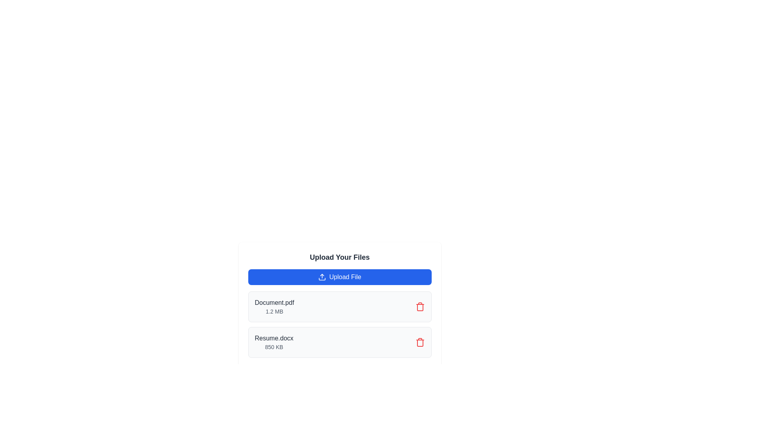 The width and height of the screenshot is (759, 427). I want to click on the upload icon located to the left of the 'Upload File' button, which visually indicates the file upload action, so click(322, 277).